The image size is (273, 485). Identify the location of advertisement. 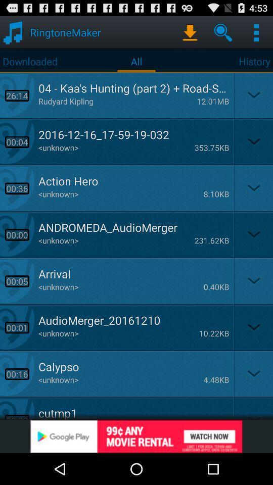
(136, 436).